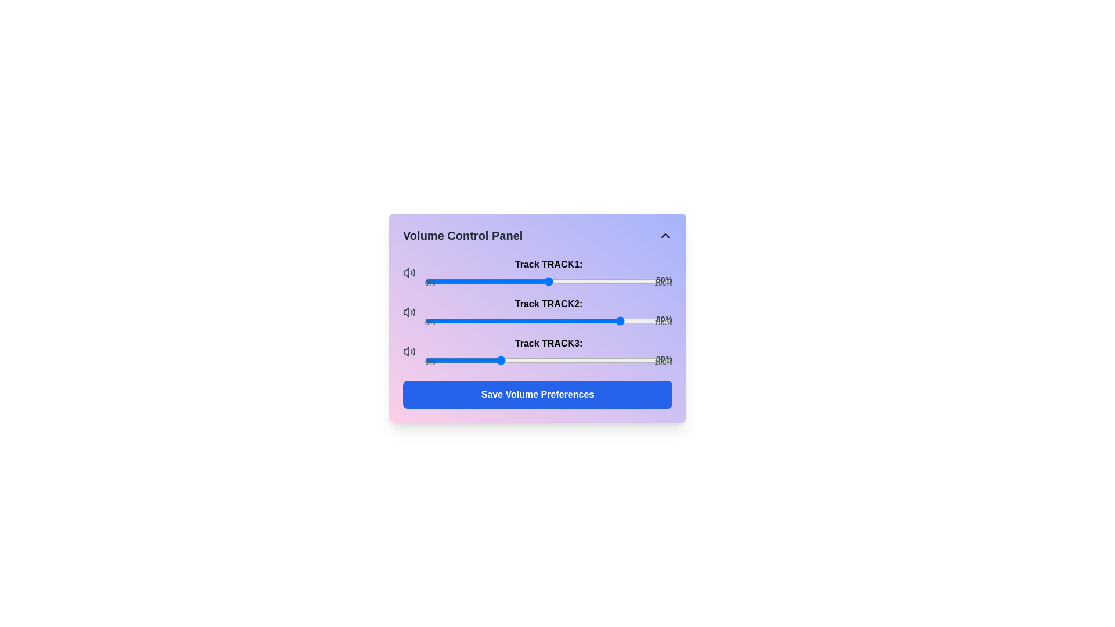  Describe the element at coordinates (598, 360) in the screenshot. I see `the slider value` at that location.